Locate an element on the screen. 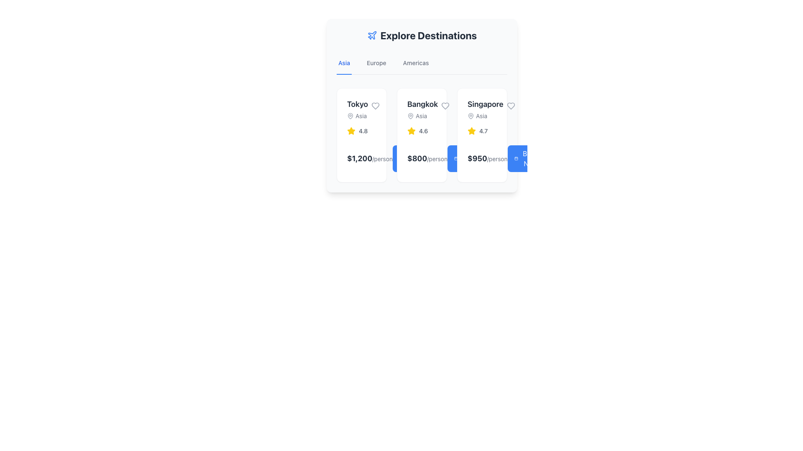  the map pin icon located in the middle card of the trip list under 'Explore Destinations', near the text 'Bangkok' is located at coordinates (411, 116).